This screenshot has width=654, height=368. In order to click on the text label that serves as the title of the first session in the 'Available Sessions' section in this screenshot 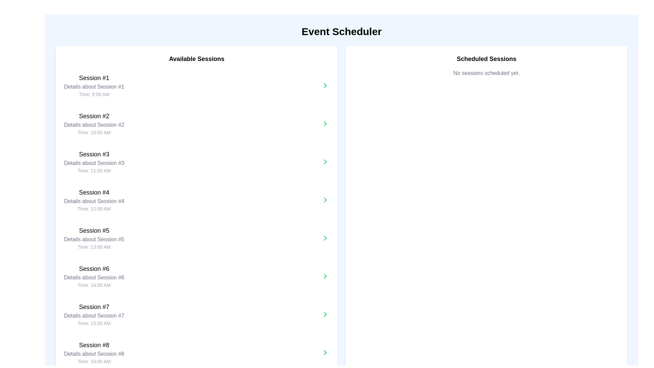, I will do `click(94, 77)`.